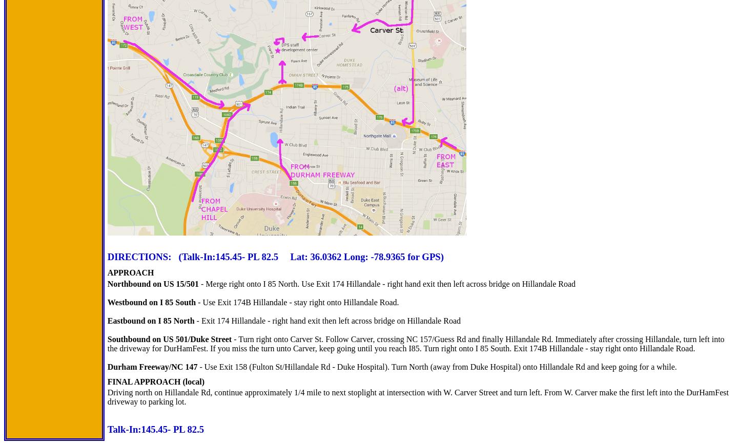 The image size is (738, 445). I want to click on 'Westbound on I 85 South', so click(107, 302).